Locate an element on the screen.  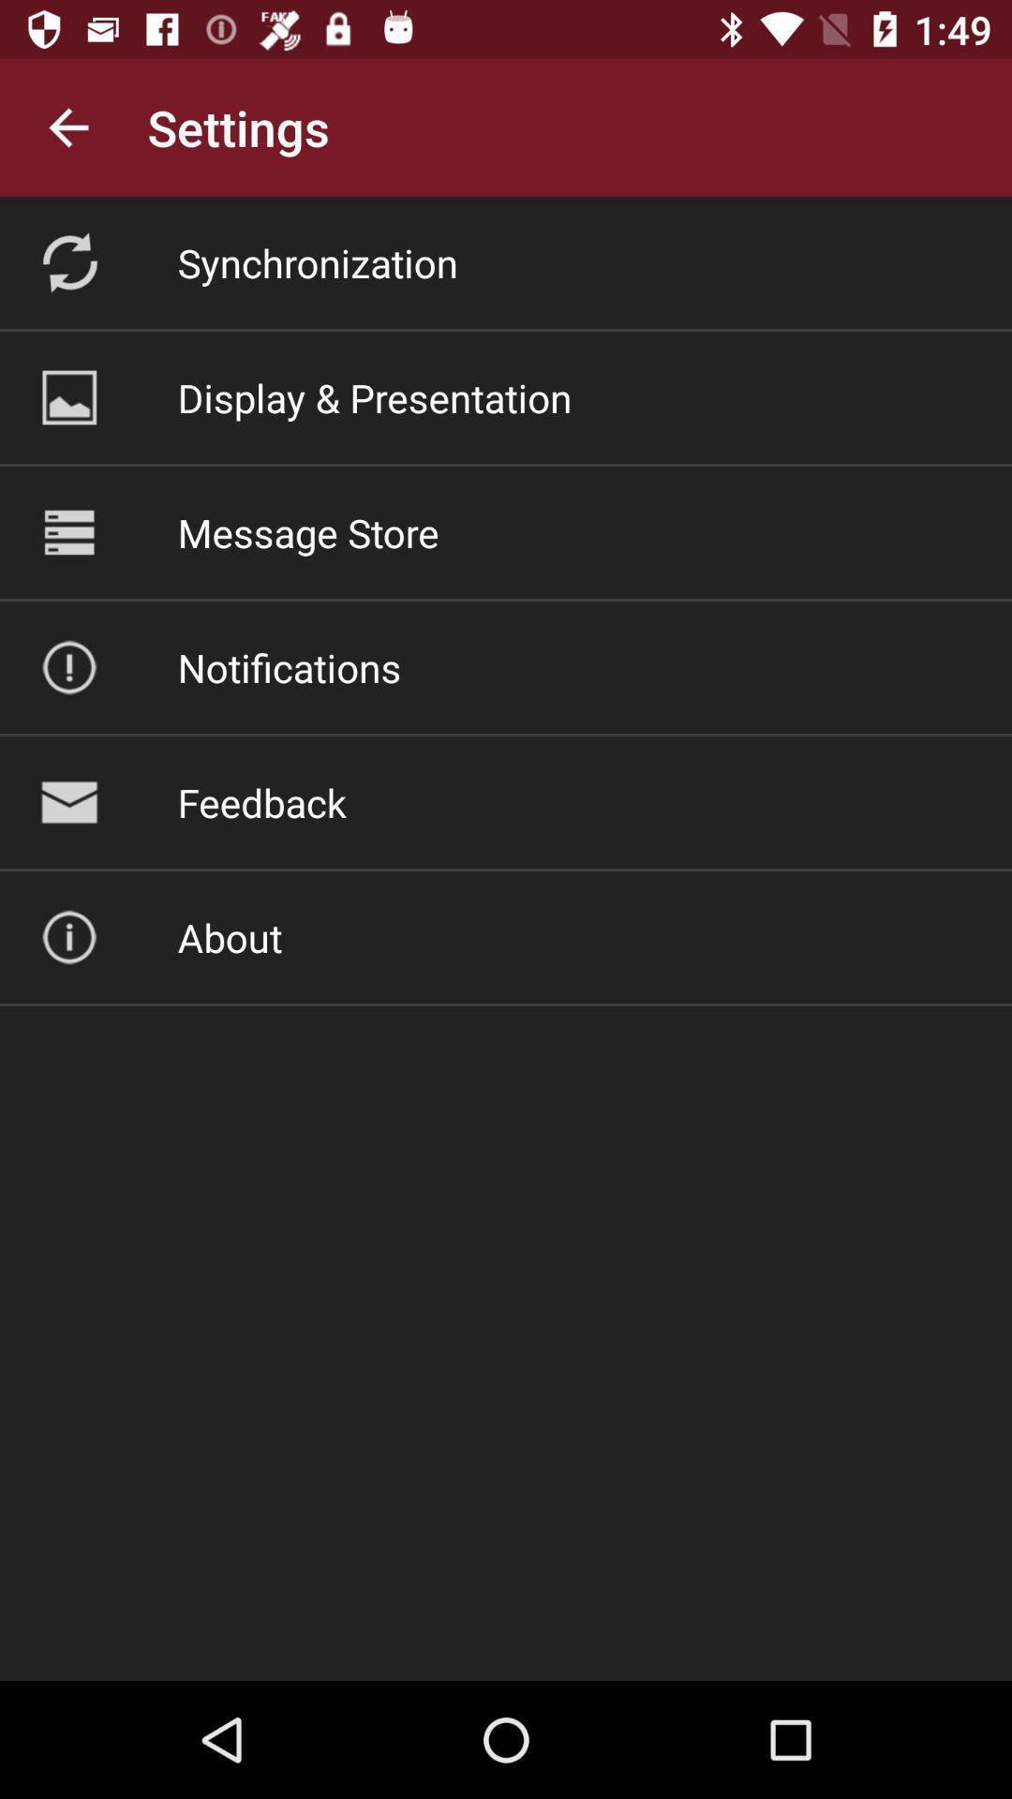
item below synchronization icon is located at coordinates (375, 396).